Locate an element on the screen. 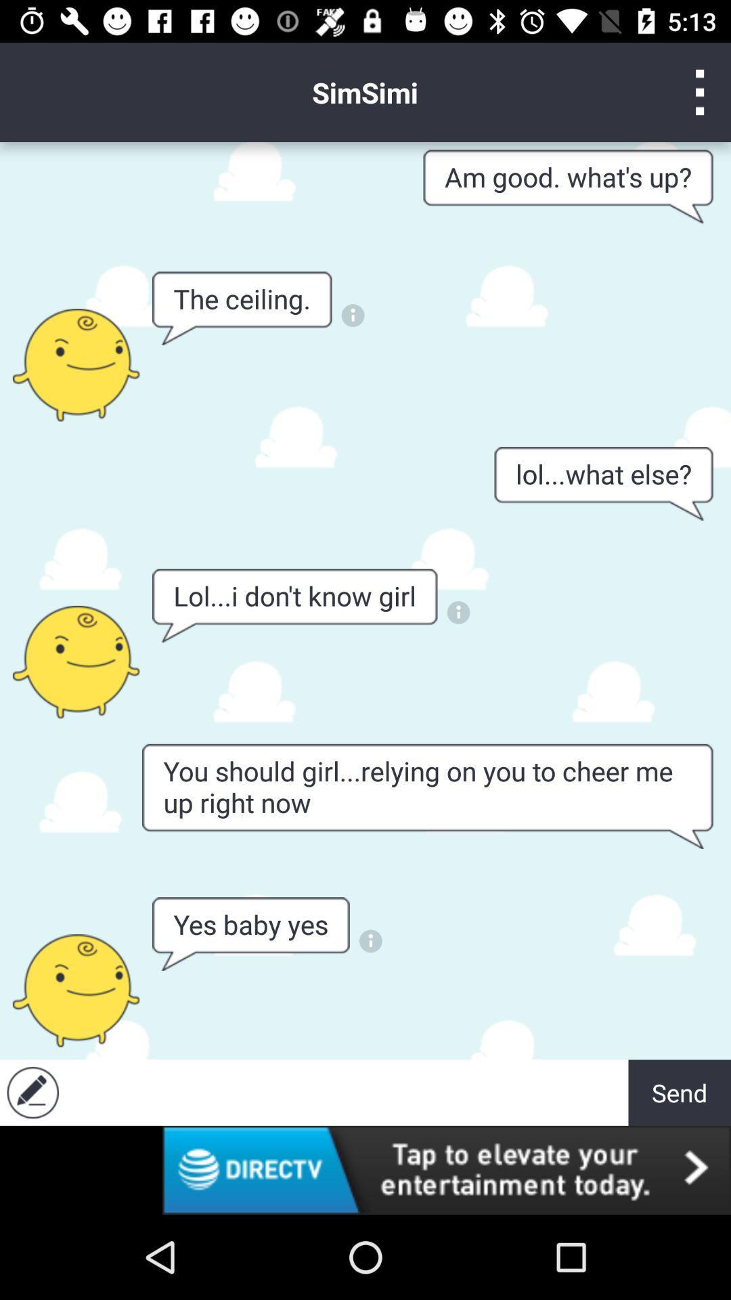  the edit is located at coordinates (32, 1092).